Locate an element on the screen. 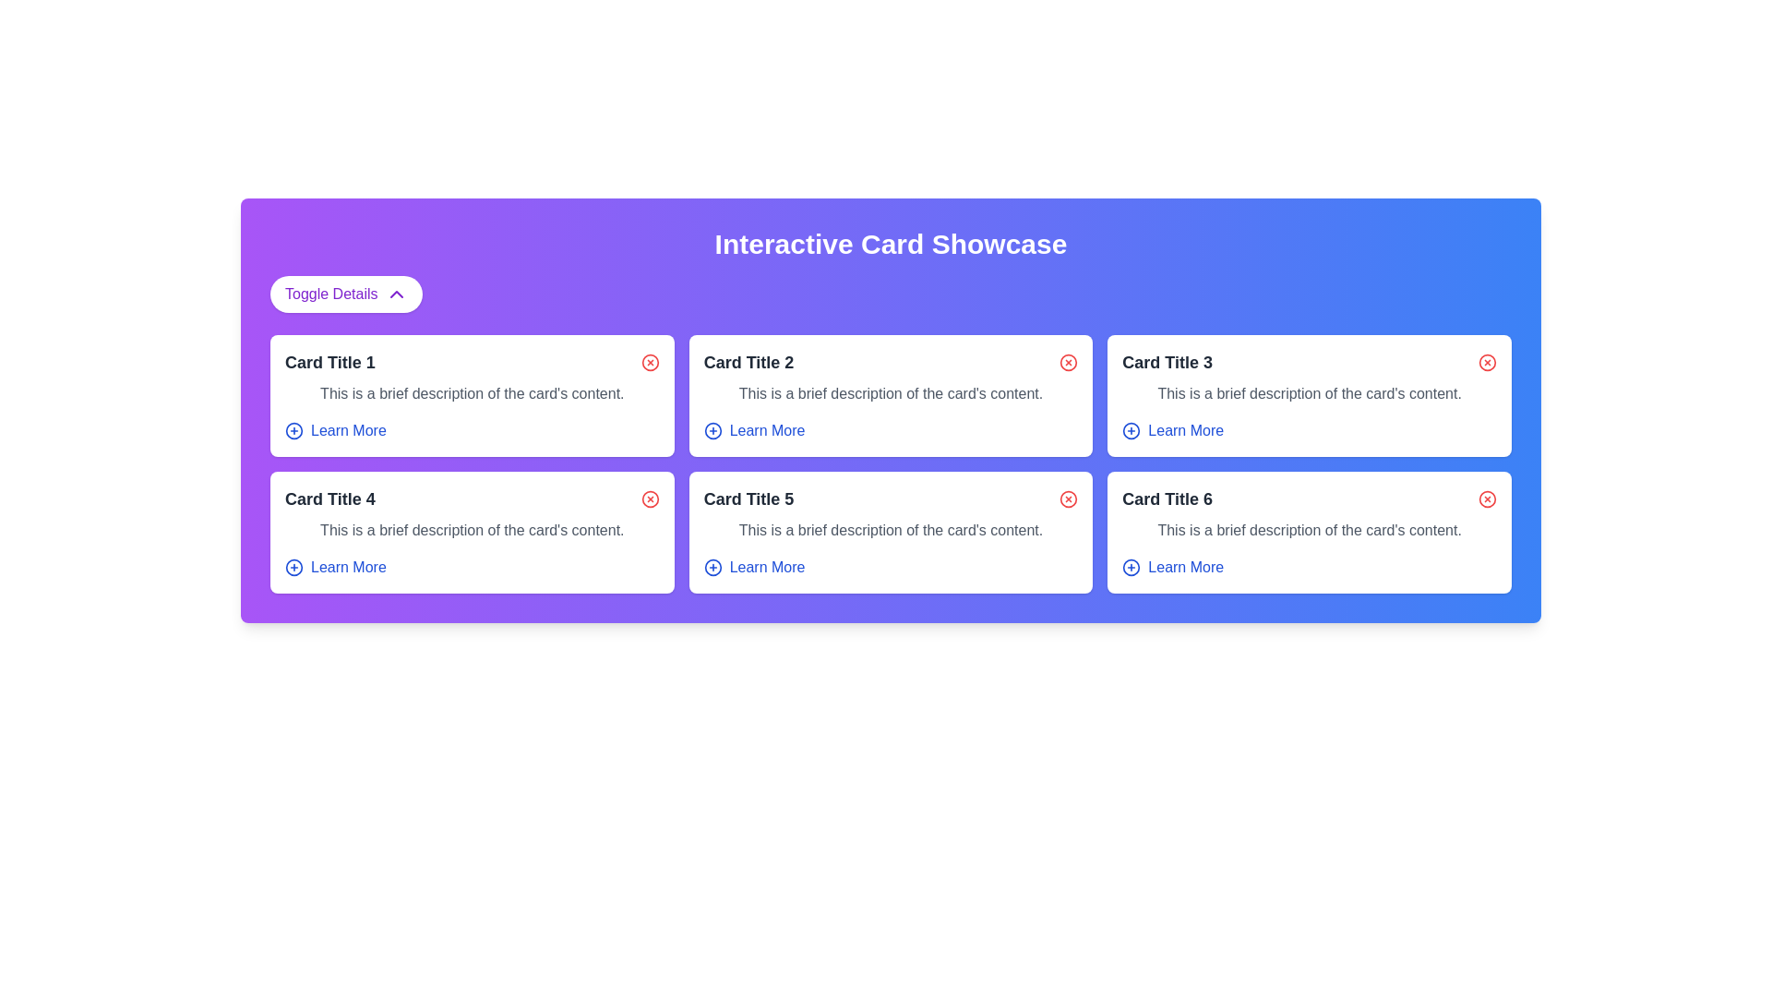 Image resolution: width=1772 pixels, height=997 pixels. the close button located at the top-right corner of 'Card Title 1' to dismiss the card from view is located at coordinates (650, 363).